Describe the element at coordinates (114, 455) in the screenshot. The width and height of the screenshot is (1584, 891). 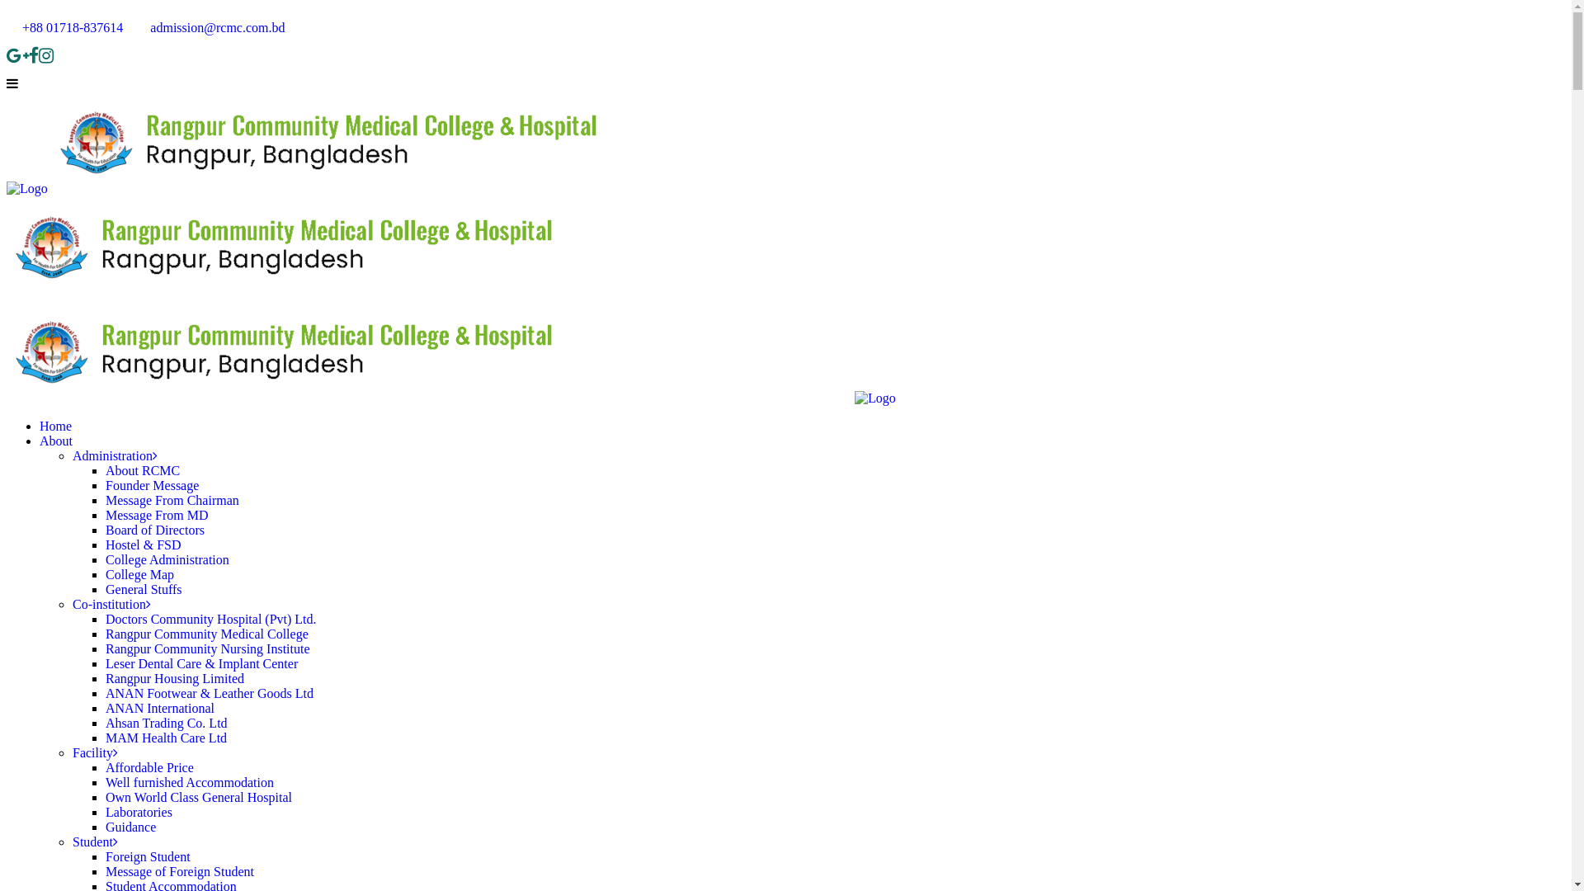
I see `'Administration'` at that location.